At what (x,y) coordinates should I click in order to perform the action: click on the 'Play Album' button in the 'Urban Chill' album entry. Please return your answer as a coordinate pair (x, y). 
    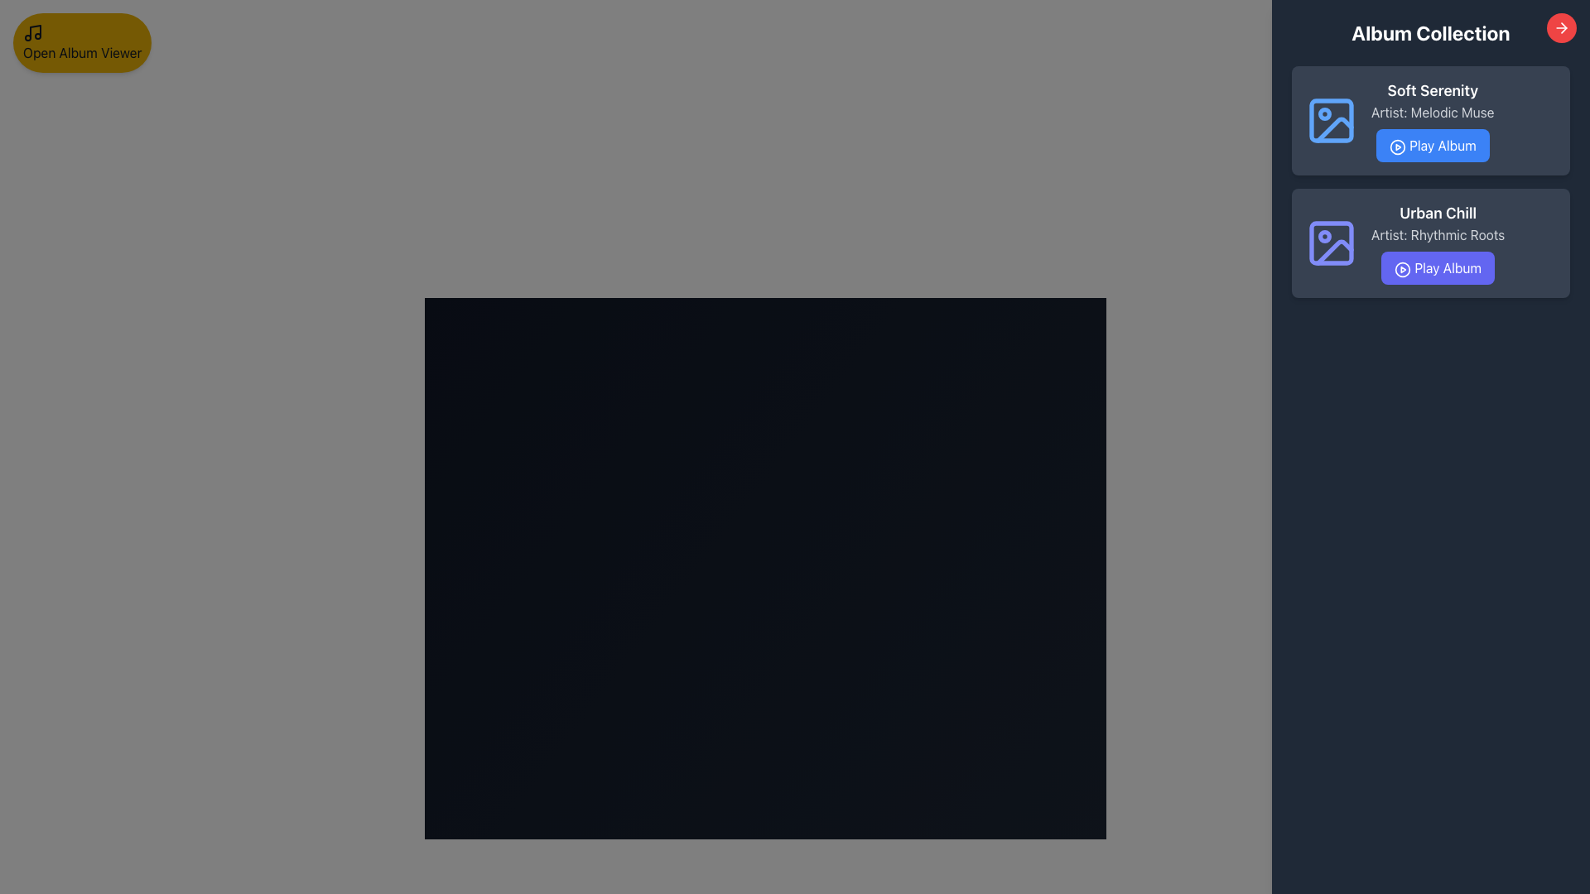
    Looking at the image, I should click on (1437, 243).